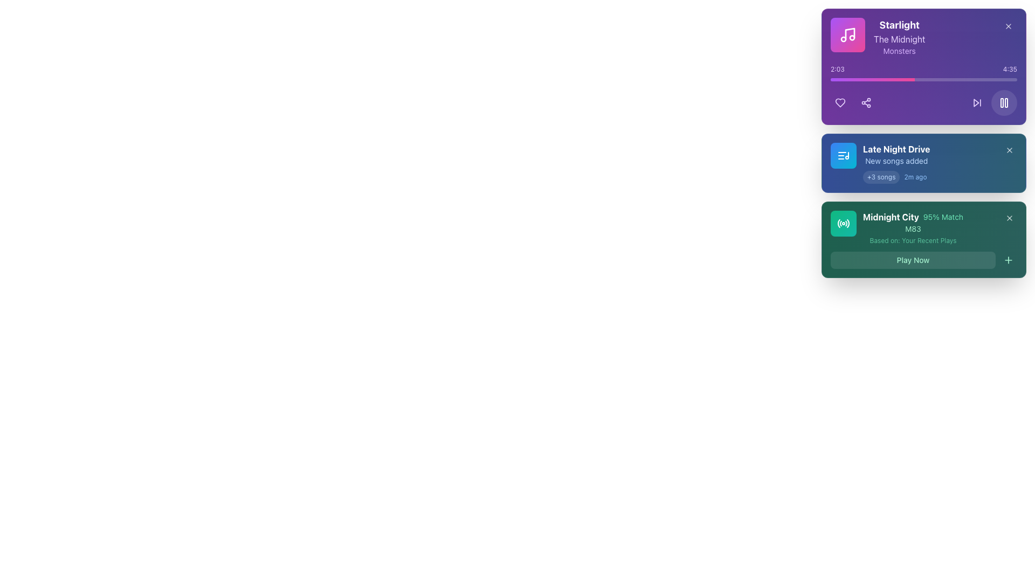 The image size is (1035, 582). Describe the element at coordinates (895, 79) in the screenshot. I see `playback progress` at that location.